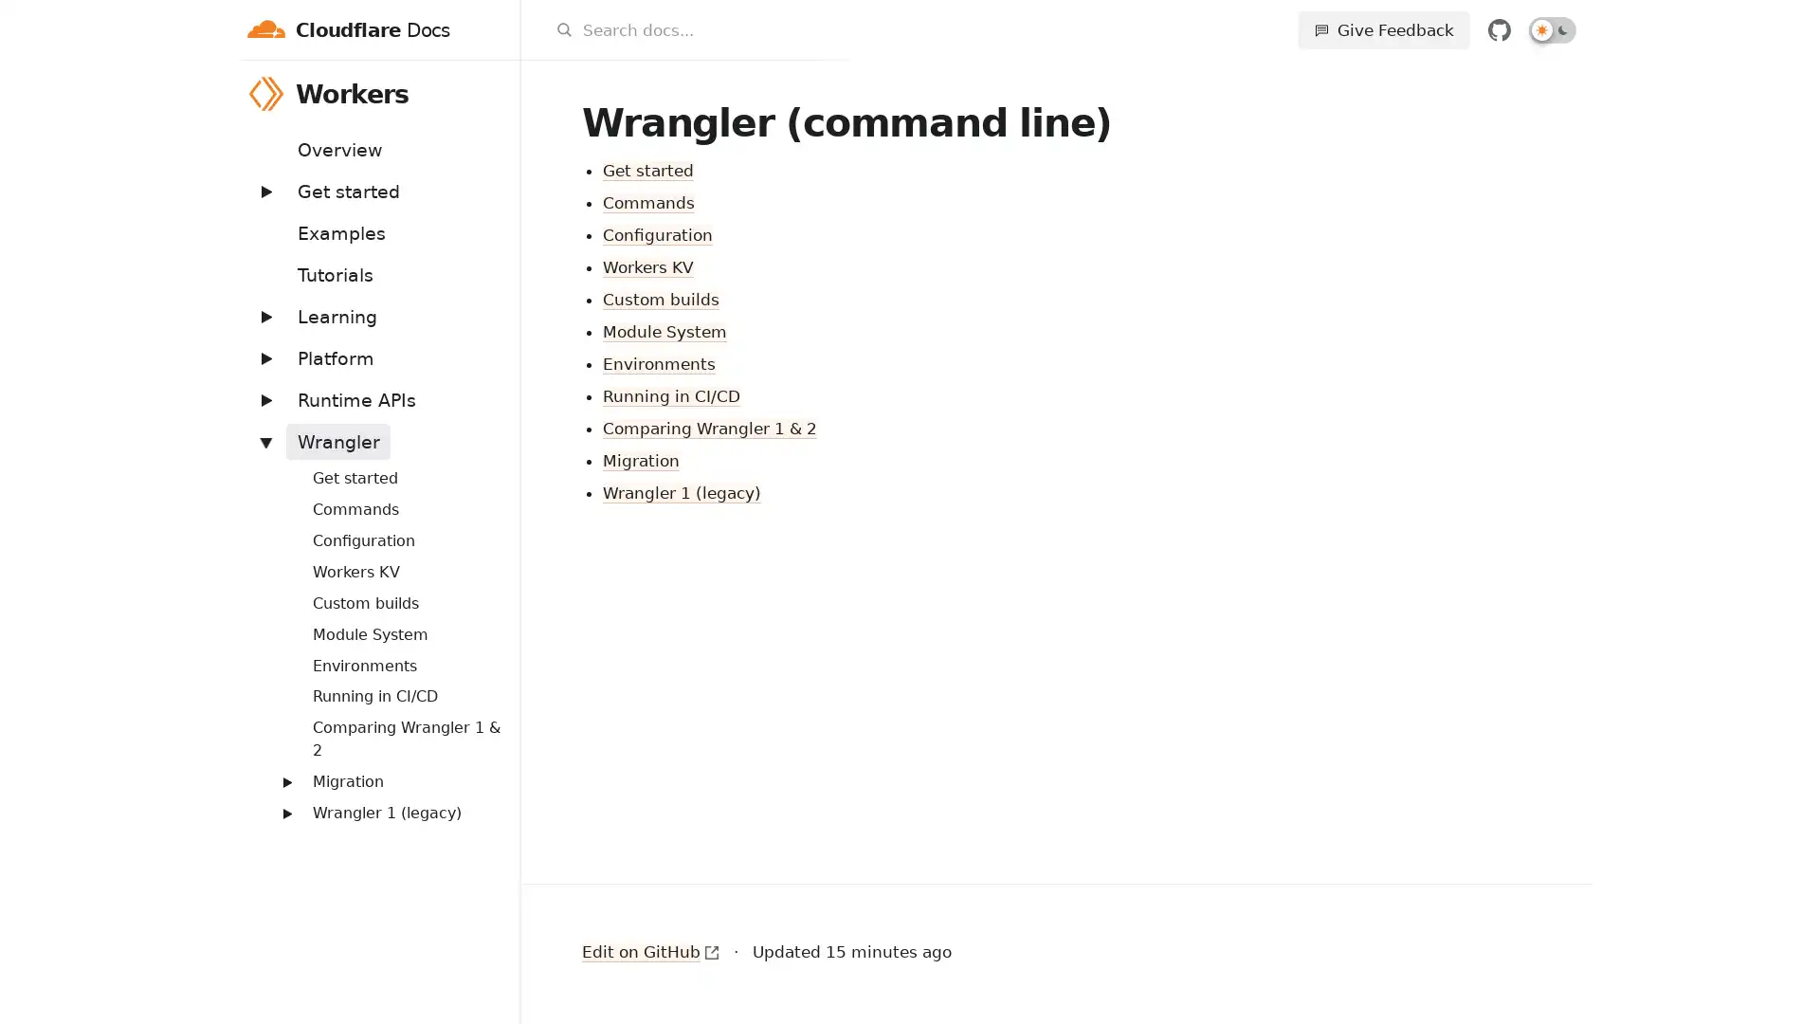 The height and width of the screenshot is (1024, 1820). Describe the element at coordinates (264, 315) in the screenshot. I see `Expand: Learning` at that location.